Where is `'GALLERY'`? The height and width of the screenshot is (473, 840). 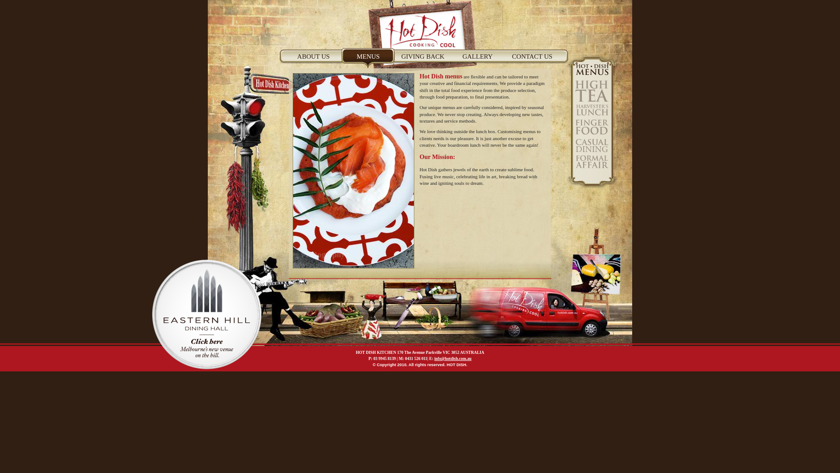 'GALLERY' is located at coordinates (477, 60).